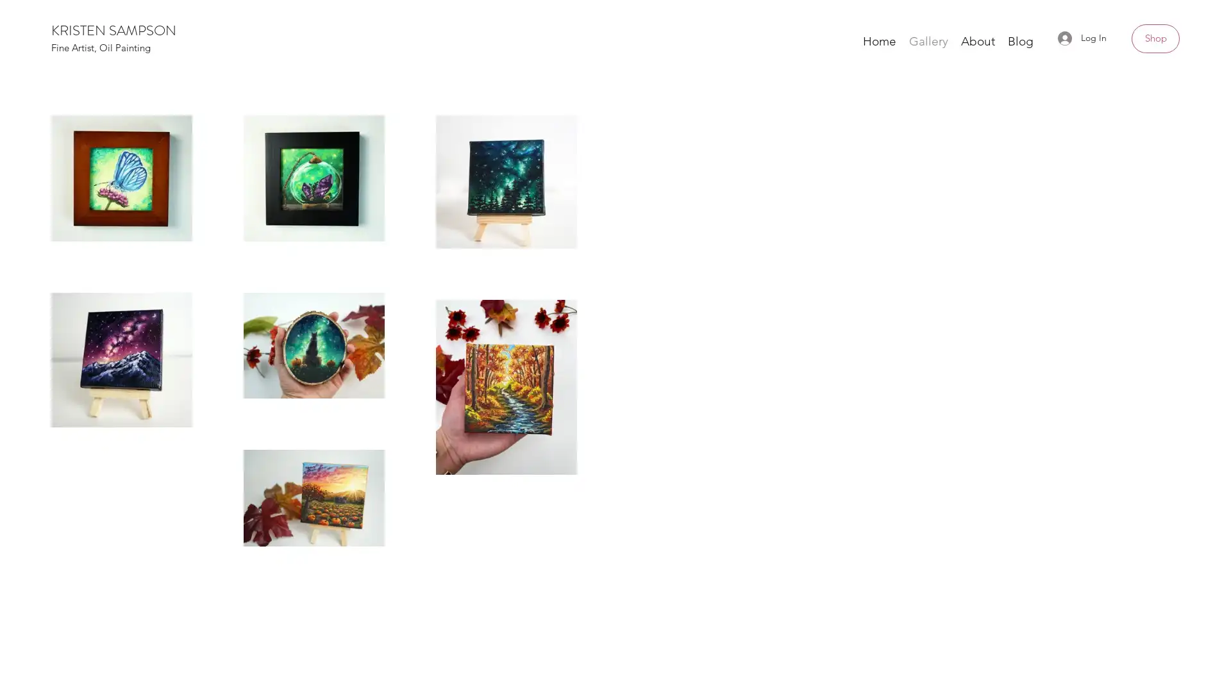 The image size is (1231, 692). Describe the element at coordinates (1082, 37) in the screenshot. I see `Log In` at that location.